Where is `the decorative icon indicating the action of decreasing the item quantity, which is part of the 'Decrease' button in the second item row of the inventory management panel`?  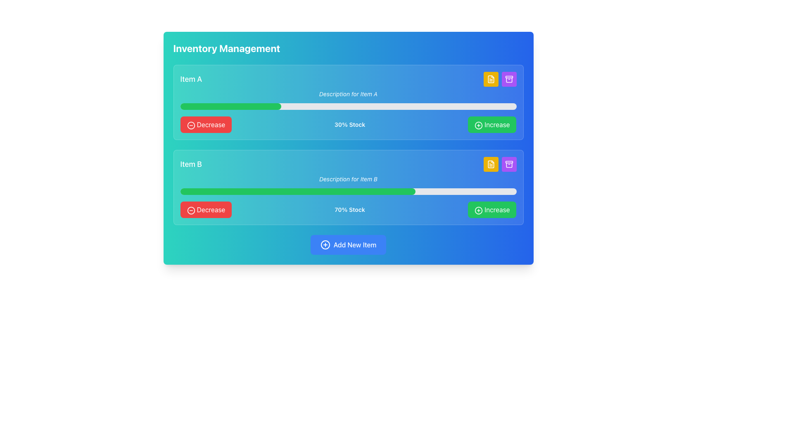 the decorative icon indicating the action of decreasing the item quantity, which is part of the 'Decrease' button in the second item row of the inventory management panel is located at coordinates (190, 125).